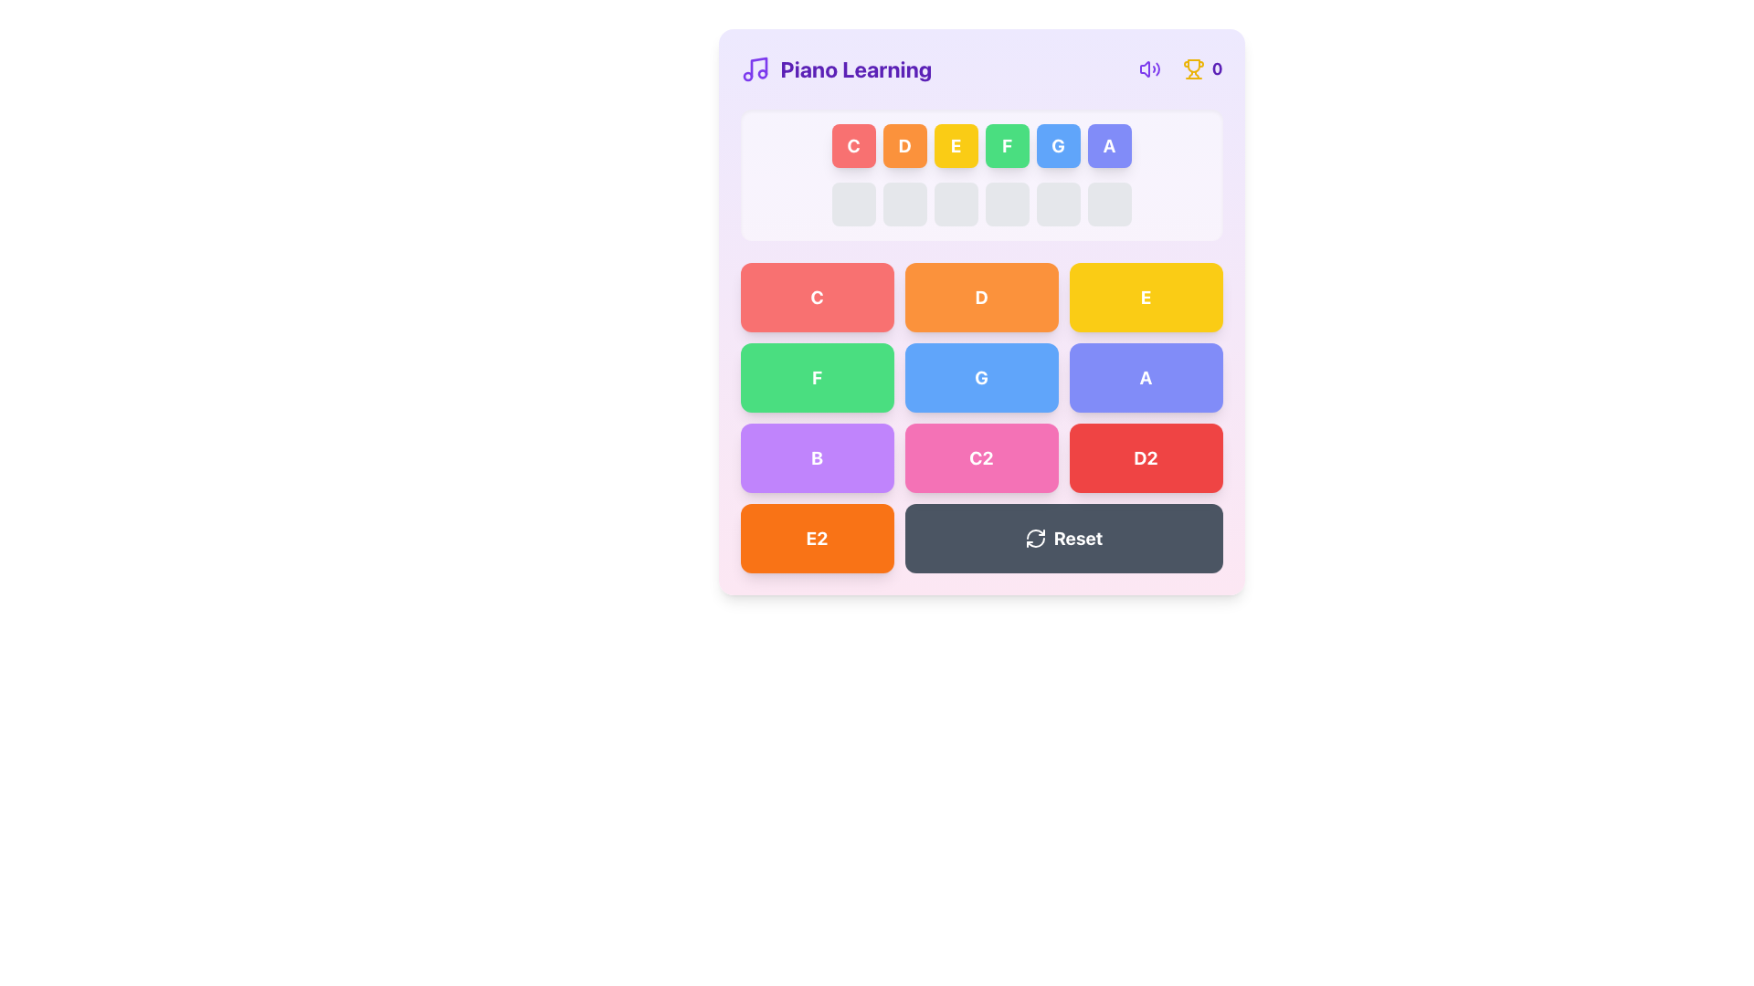  Describe the element at coordinates (1217, 68) in the screenshot. I see `the text label displaying a numeric value in the top-right corner of the interface, next to the trophy icon` at that location.